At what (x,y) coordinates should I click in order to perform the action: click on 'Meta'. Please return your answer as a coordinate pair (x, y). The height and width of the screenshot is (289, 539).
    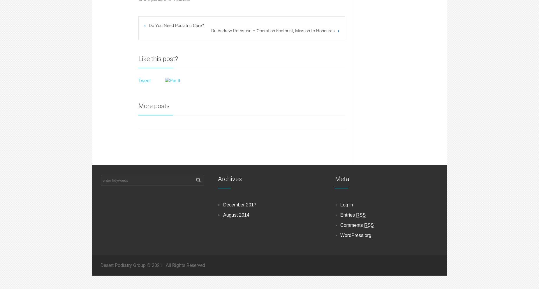
    Looking at the image, I should click on (342, 179).